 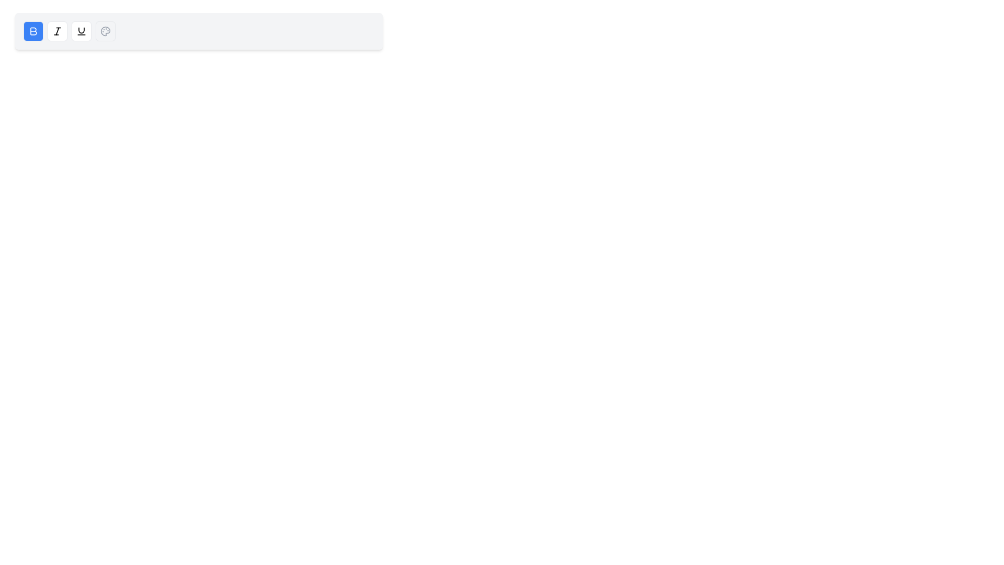 I want to click on the italic styling button, which is the second button in the group of text formatting buttons located at the top left of the interface, so click(x=57, y=31).